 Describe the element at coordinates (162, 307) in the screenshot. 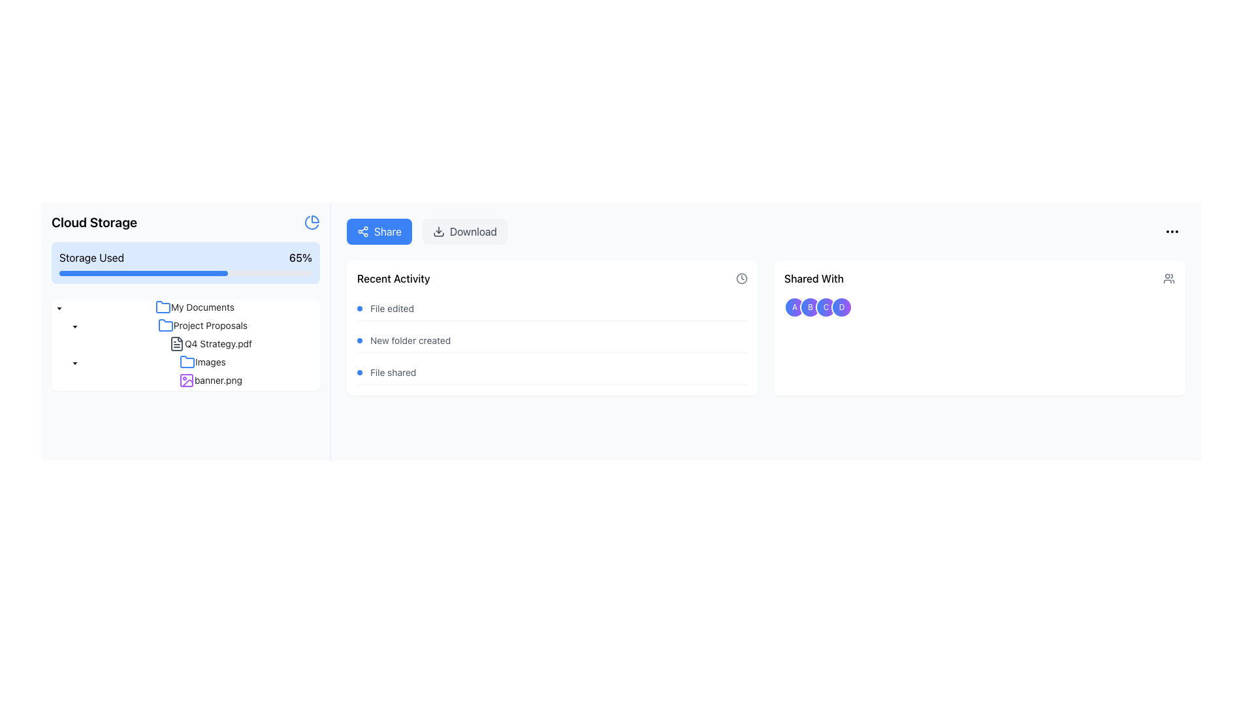

I see `the blue folder icon that represents the 'My Documents' folder` at that location.